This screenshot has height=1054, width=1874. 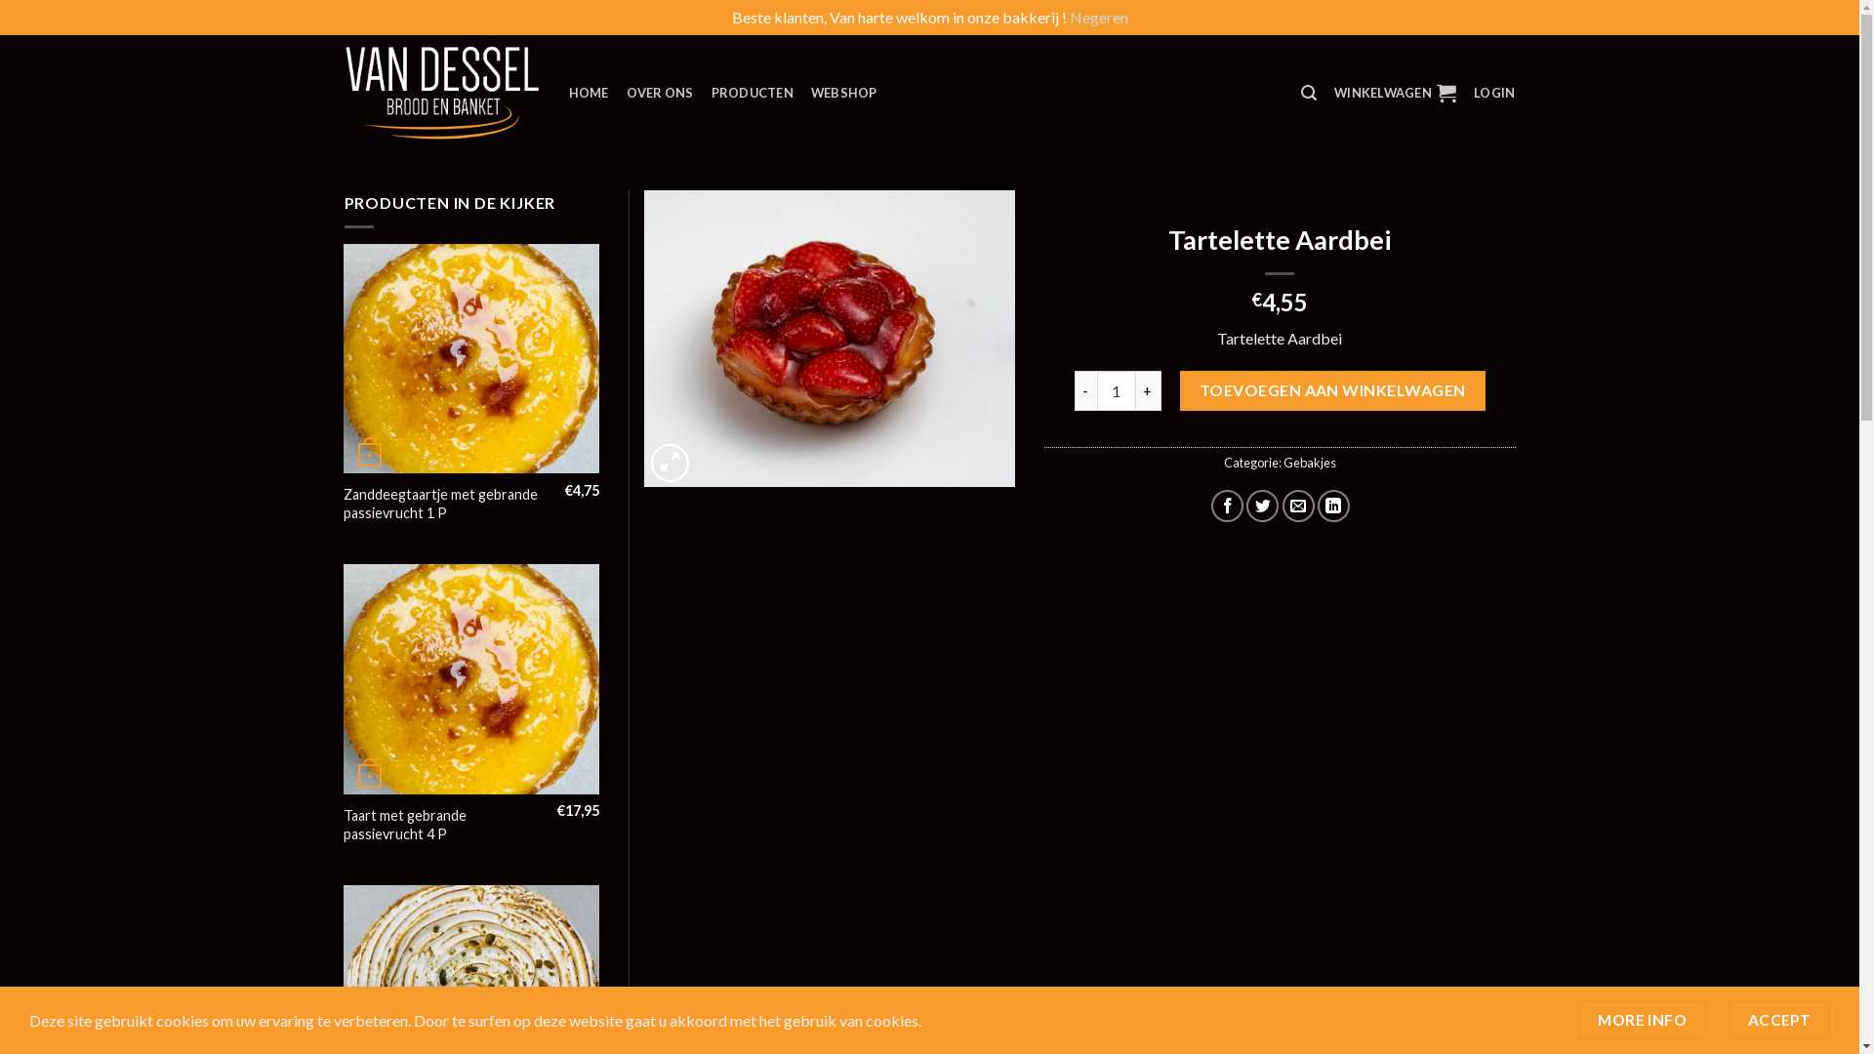 I want to click on 'WEBSHOP', so click(x=843, y=93).